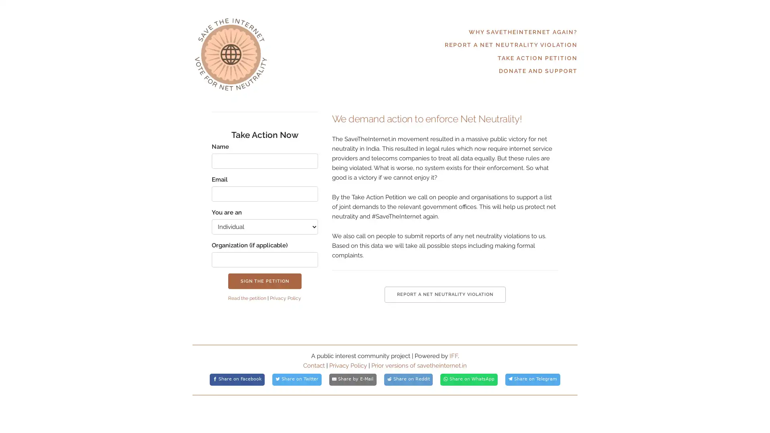 This screenshot has width=770, height=433. I want to click on SIGN THE PETITION, so click(264, 281).